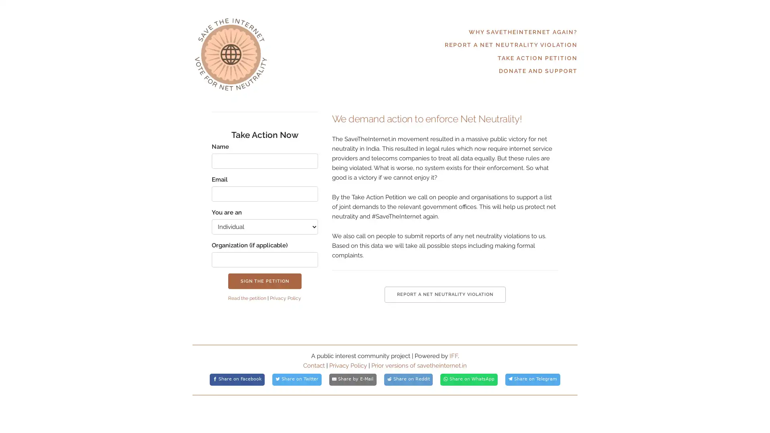 This screenshot has width=770, height=433. I want to click on SIGN THE PETITION, so click(264, 281).